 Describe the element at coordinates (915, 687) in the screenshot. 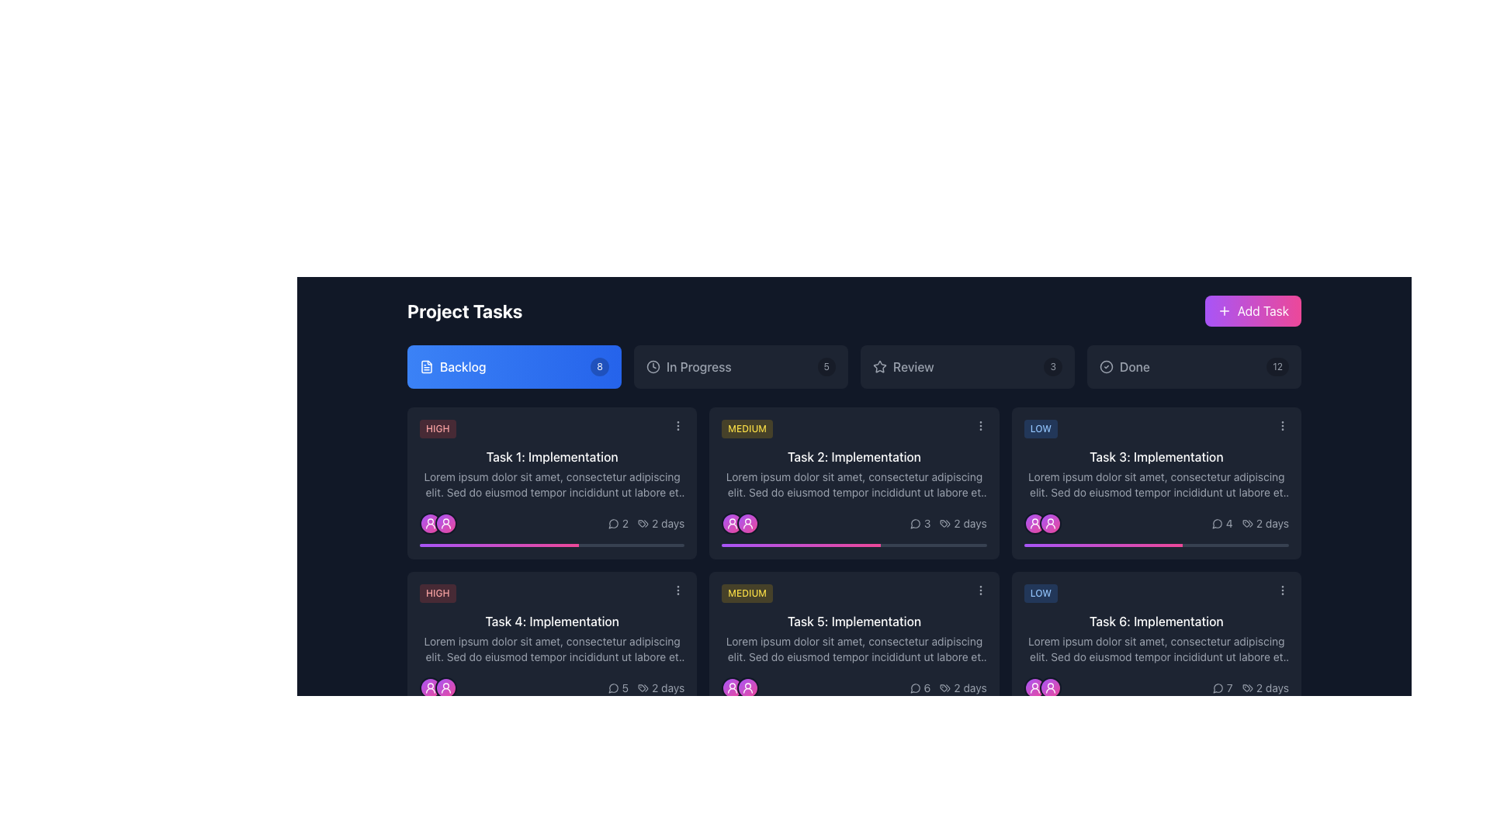

I see `the comments icon located at the bottom-right corner of the card labeled 'Task 6: Implementation', positioned immediately to the left of the text '6'` at that location.